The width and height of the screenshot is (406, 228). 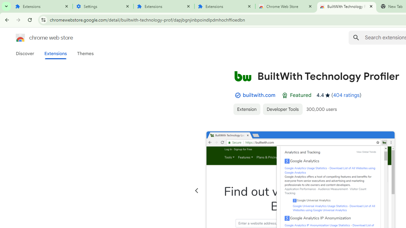 What do you see at coordinates (346, 95) in the screenshot?
I see `'404 ratings'` at bounding box center [346, 95].